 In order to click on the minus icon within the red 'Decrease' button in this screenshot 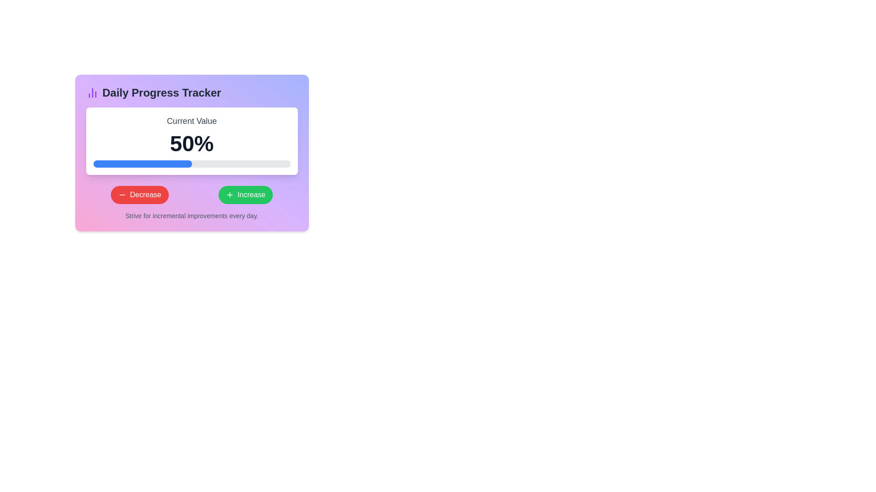, I will do `click(122, 195)`.